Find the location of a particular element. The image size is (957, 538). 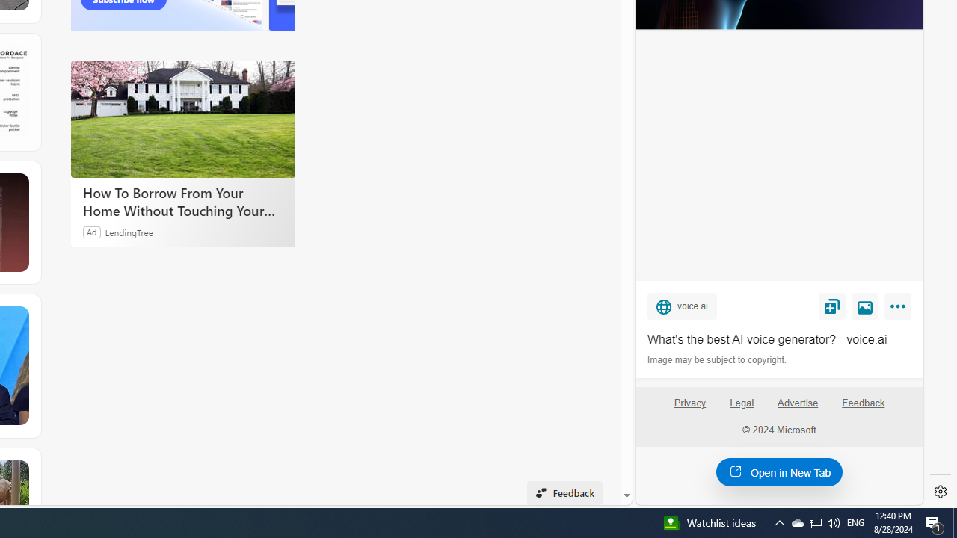

'voice.ai' is located at coordinates (681, 305).